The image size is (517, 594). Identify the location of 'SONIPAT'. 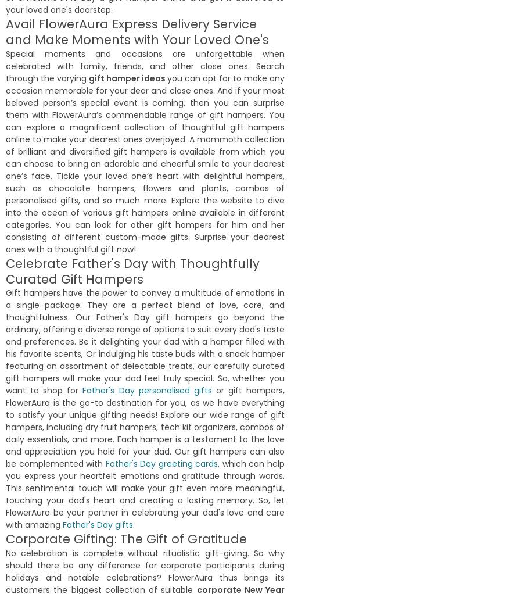
(26, 178).